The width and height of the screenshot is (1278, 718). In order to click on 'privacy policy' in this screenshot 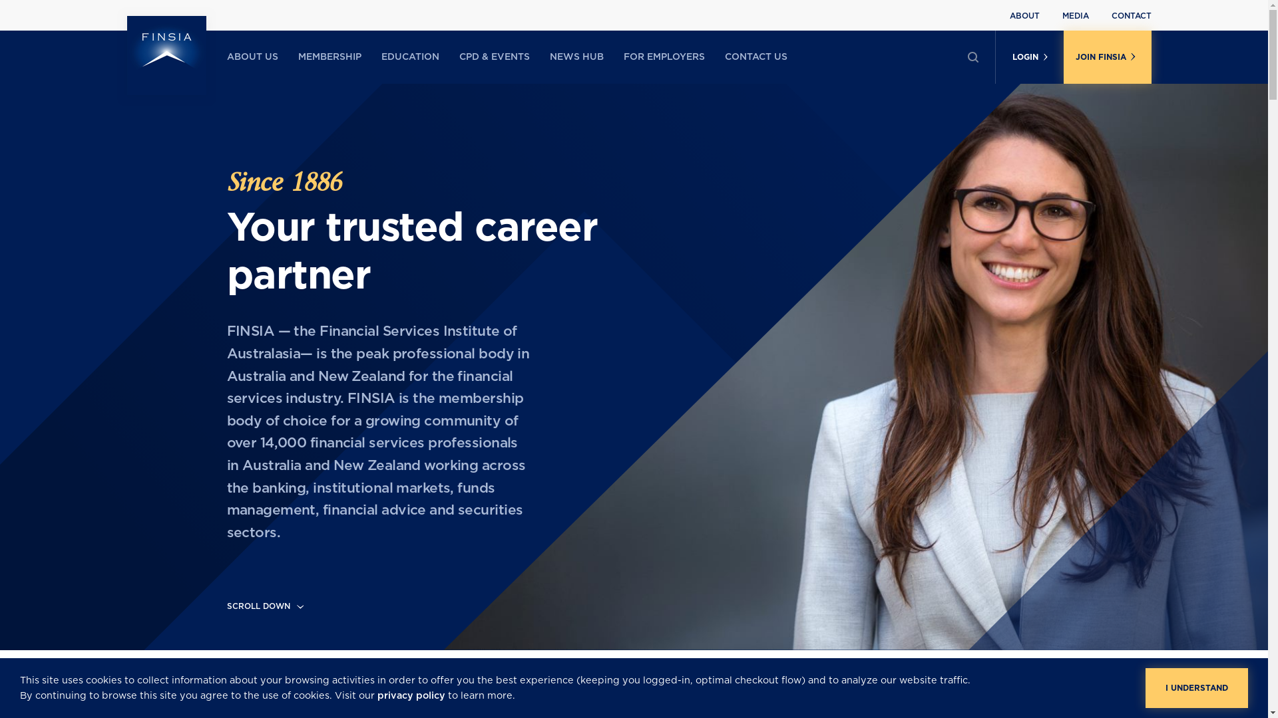, I will do `click(411, 695)`.